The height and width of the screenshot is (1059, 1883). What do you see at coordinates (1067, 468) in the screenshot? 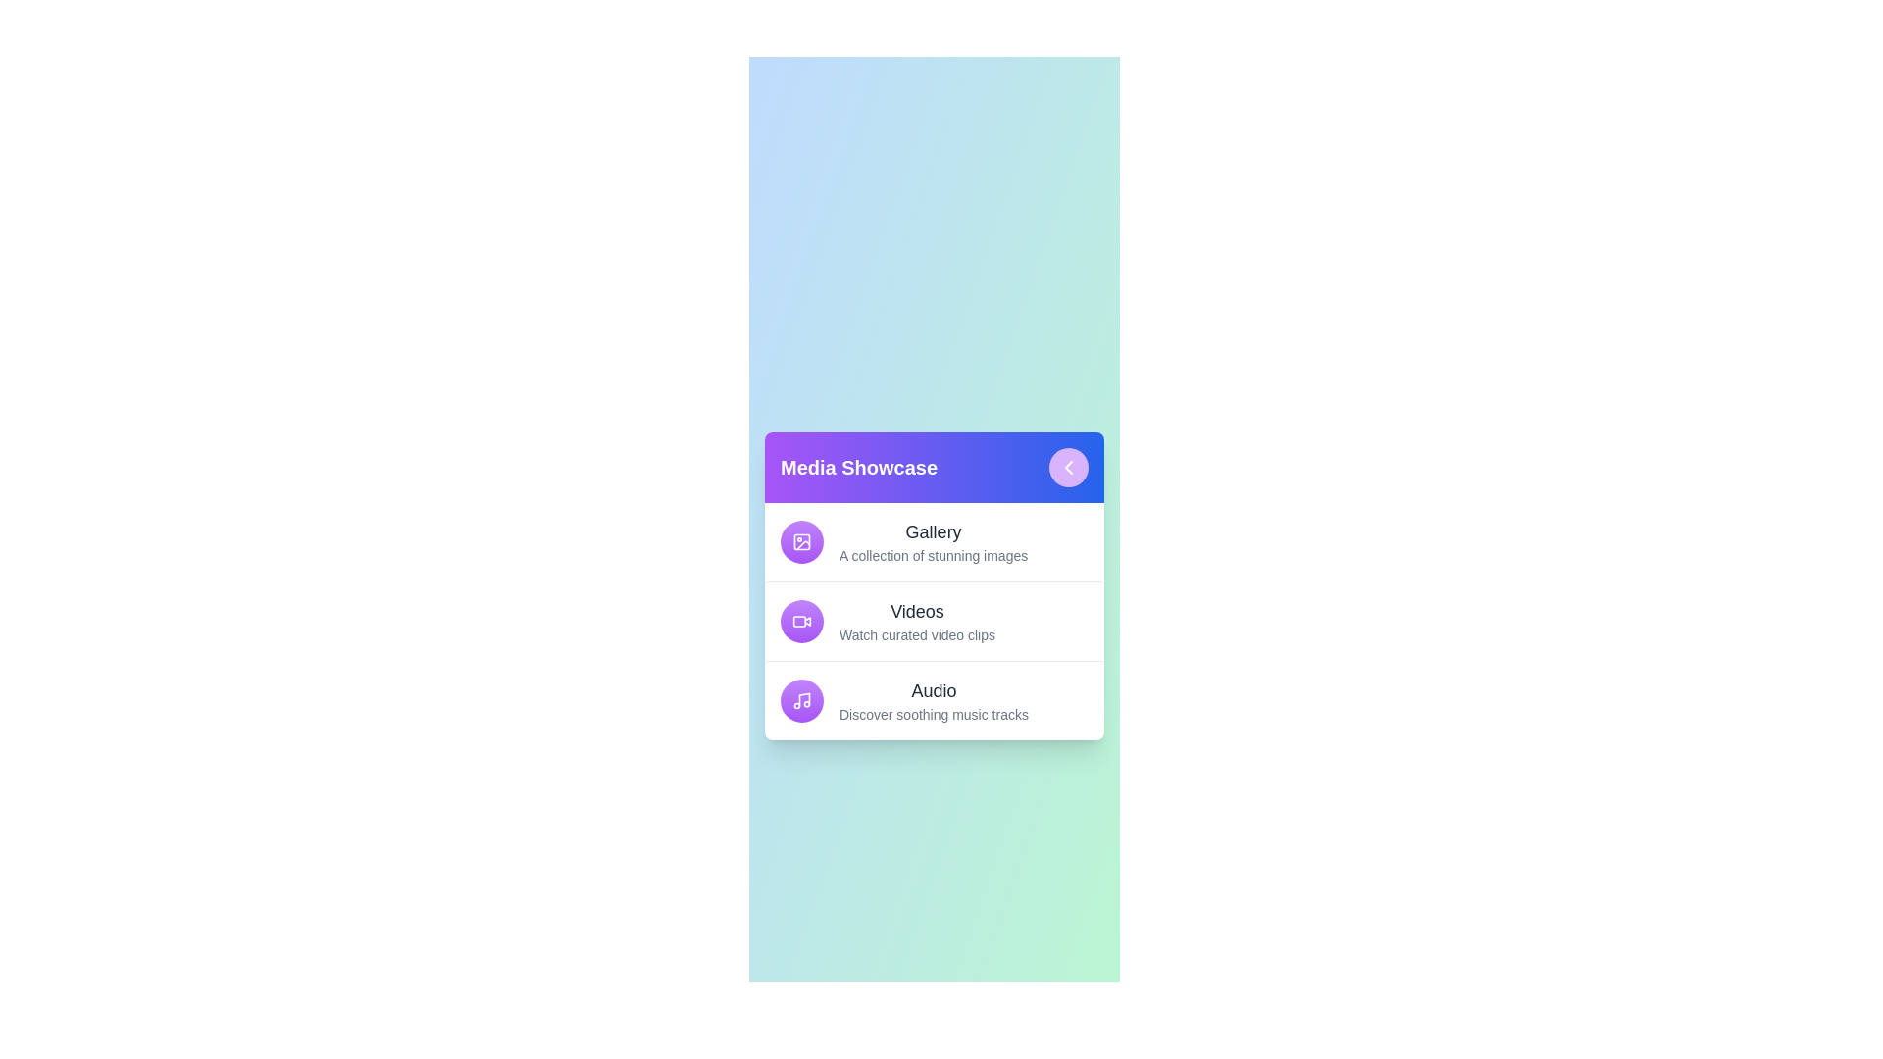
I see `button in the top-right corner of the header to toggle the menu` at bounding box center [1067, 468].